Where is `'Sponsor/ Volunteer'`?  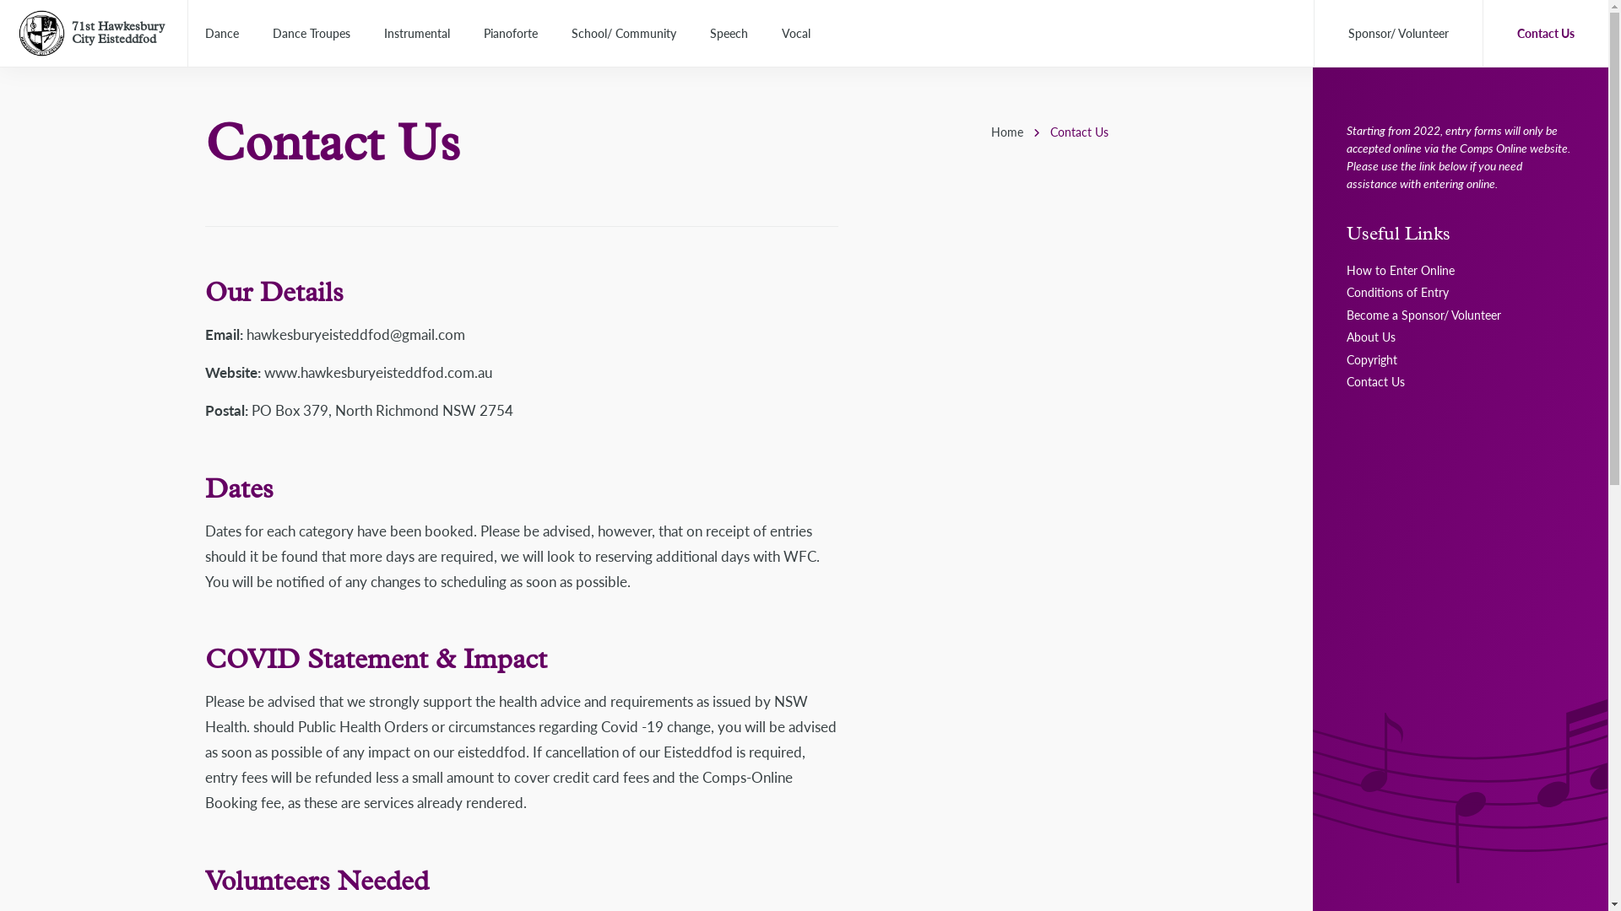
'Sponsor/ Volunteer' is located at coordinates (1398, 33).